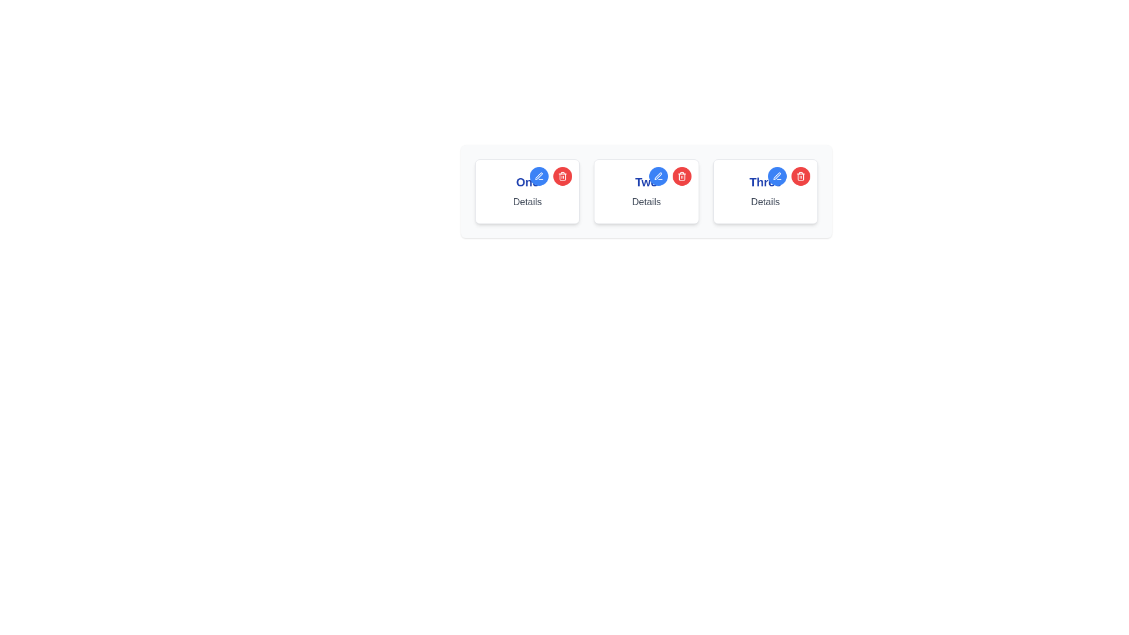 The image size is (1129, 635). Describe the element at coordinates (550, 176) in the screenshot. I see `the button group located at the top-right corner of the card labeled 'One'` at that location.